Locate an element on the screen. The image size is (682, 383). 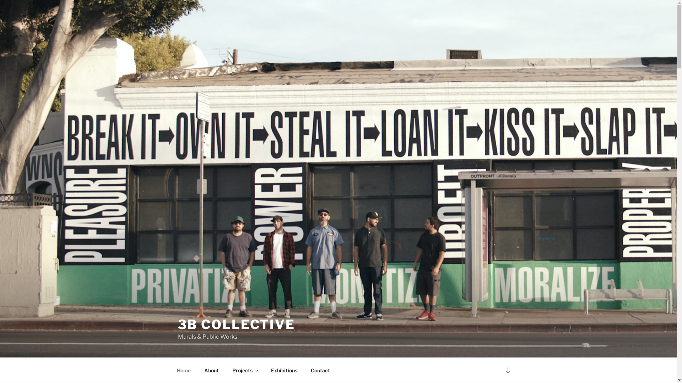
'Projects' is located at coordinates (245, 370).